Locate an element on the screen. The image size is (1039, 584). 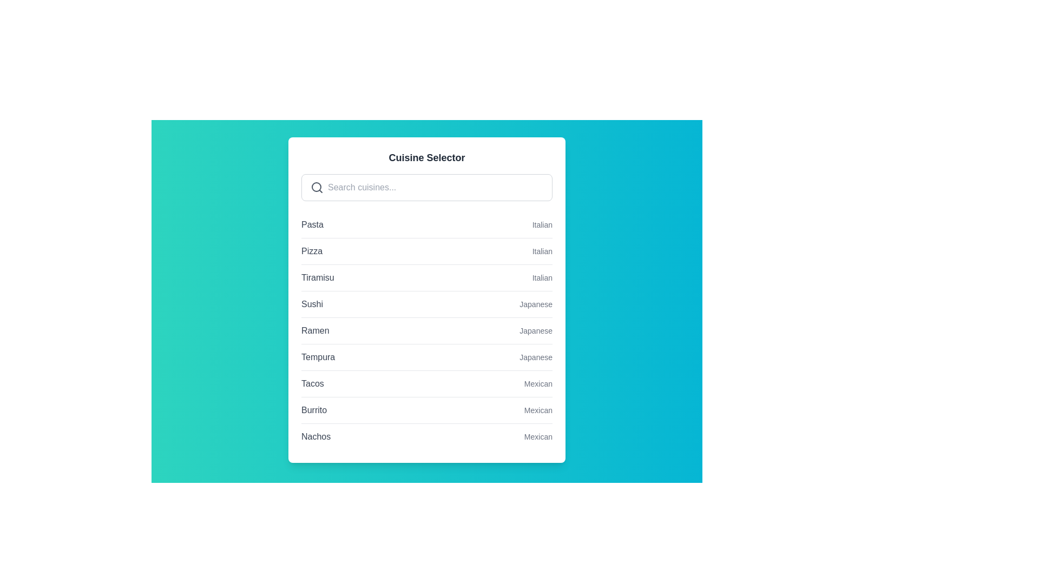
the Search bar located near the top of the white panel labeled 'Cuisine Selector', which allows users to search for specific cuisines is located at coordinates (426, 187).